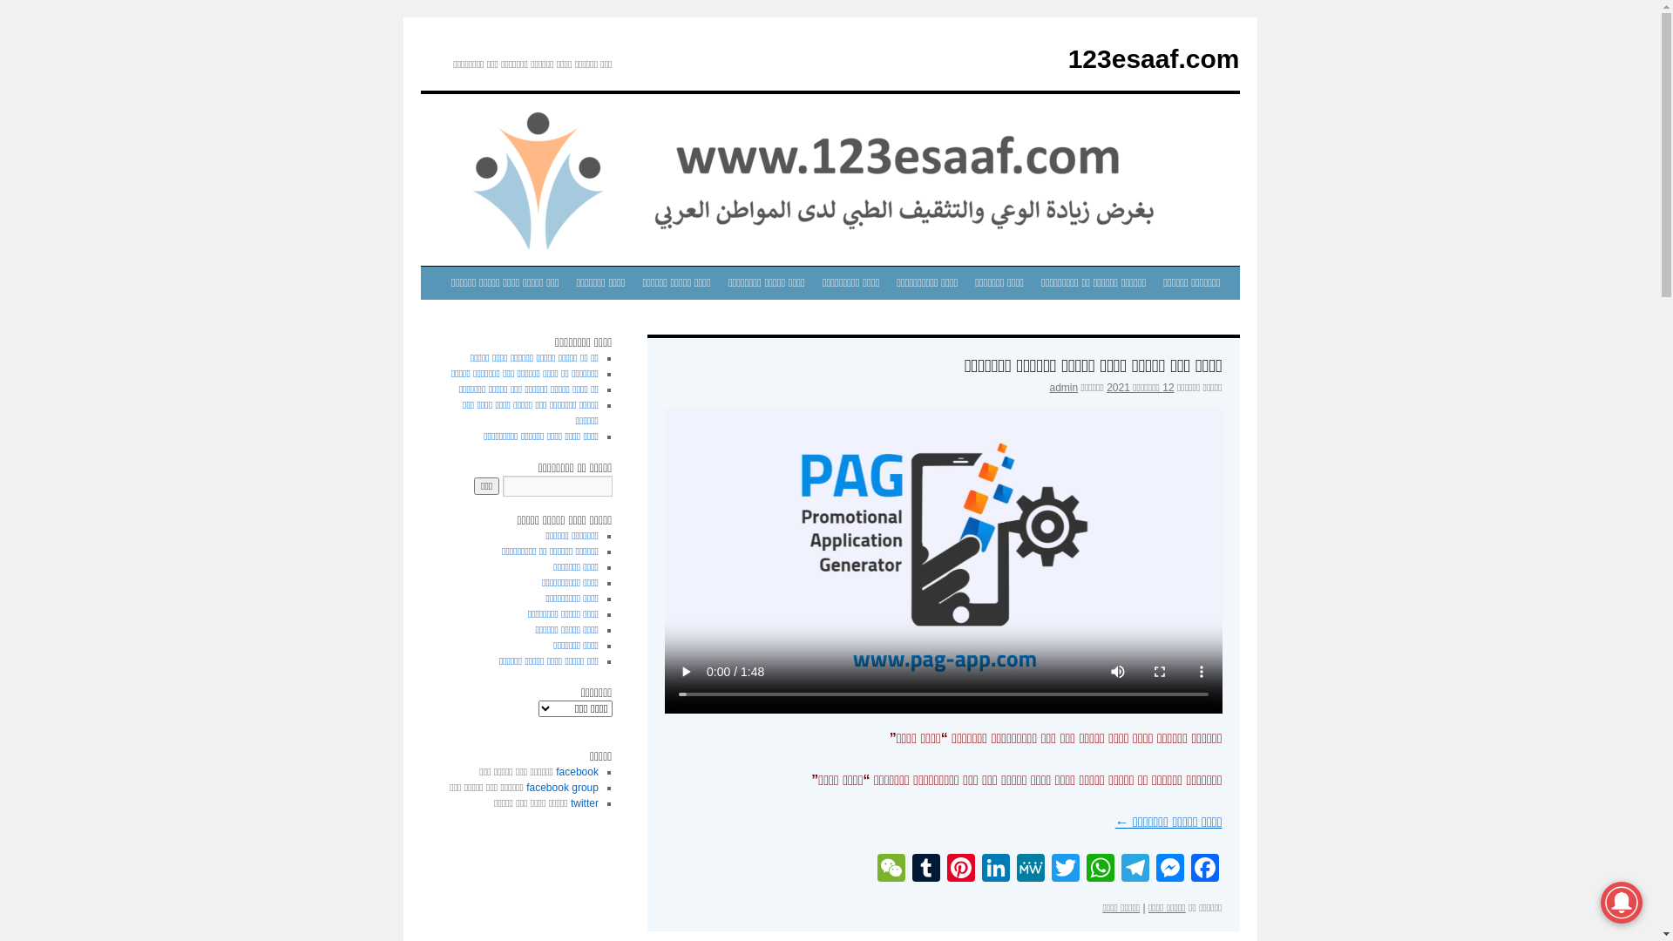  Describe the element at coordinates (1067, 58) in the screenshot. I see `'123esaaf.com'` at that location.